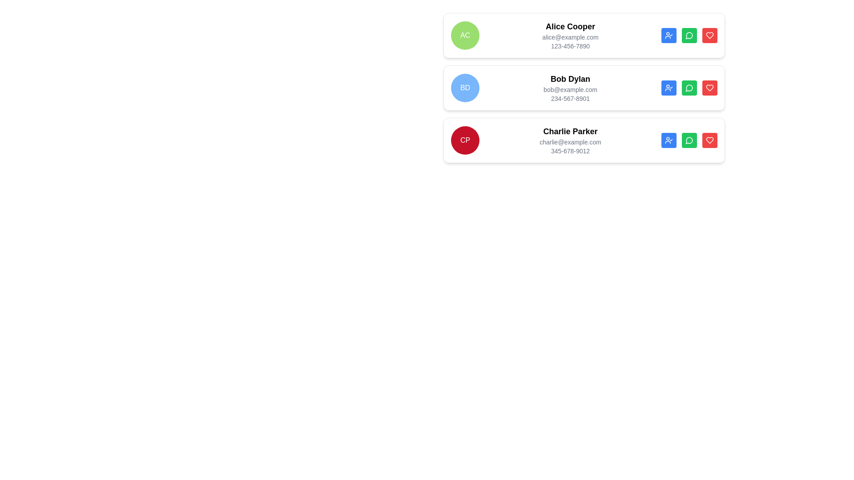 The width and height of the screenshot is (854, 480). What do you see at coordinates (689, 88) in the screenshot?
I see `the green rounded button with a white speech bubble icon, located at the center of the row of buttons associated with 'Bob Dylan's' contact card` at bounding box center [689, 88].